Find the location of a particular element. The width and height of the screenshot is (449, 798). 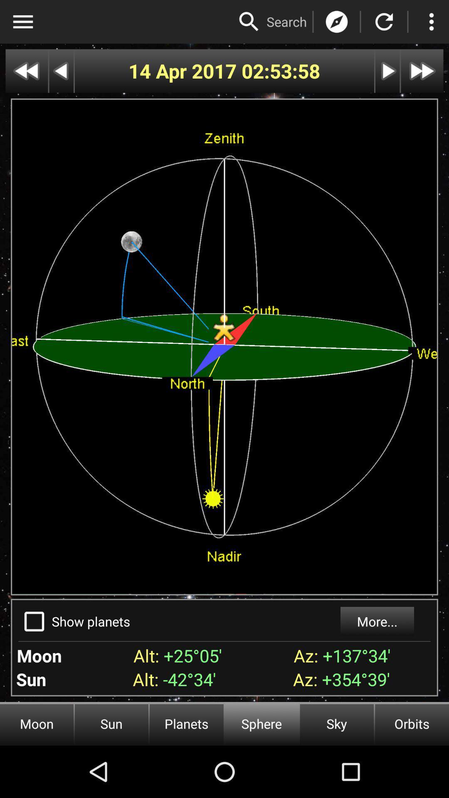

icon to the left of more... item is located at coordinates (91, 621).